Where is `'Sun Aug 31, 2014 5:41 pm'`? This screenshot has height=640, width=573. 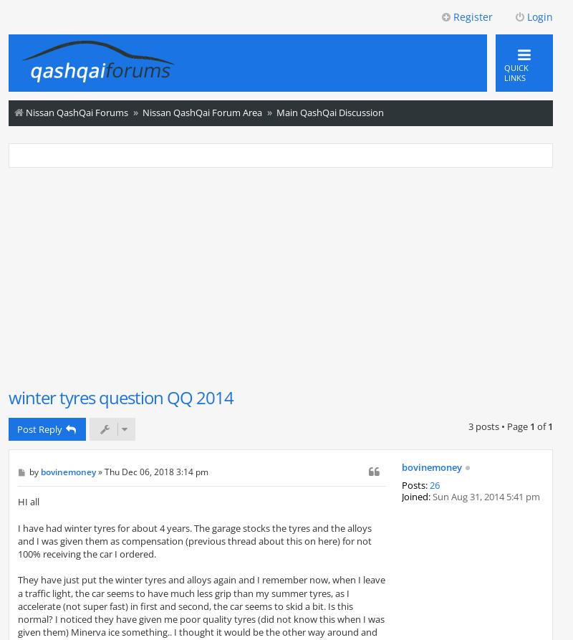 'Sun Aug 31, 2014 5:41 pm' is located at coordinates (485, 495).